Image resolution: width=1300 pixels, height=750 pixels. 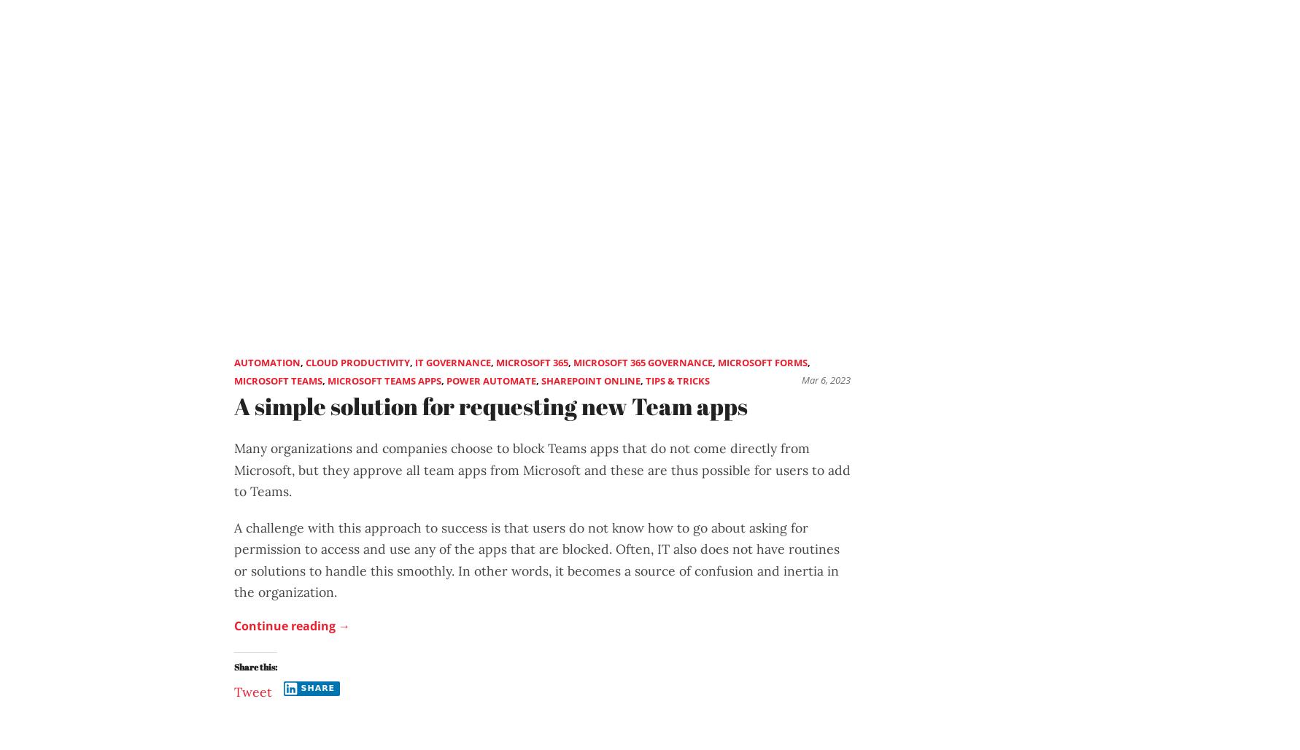 What do you see at coordinates (677, 379) in the screenshot?
I see `'Tips & Tricks'` at bounding box center [677, 379].